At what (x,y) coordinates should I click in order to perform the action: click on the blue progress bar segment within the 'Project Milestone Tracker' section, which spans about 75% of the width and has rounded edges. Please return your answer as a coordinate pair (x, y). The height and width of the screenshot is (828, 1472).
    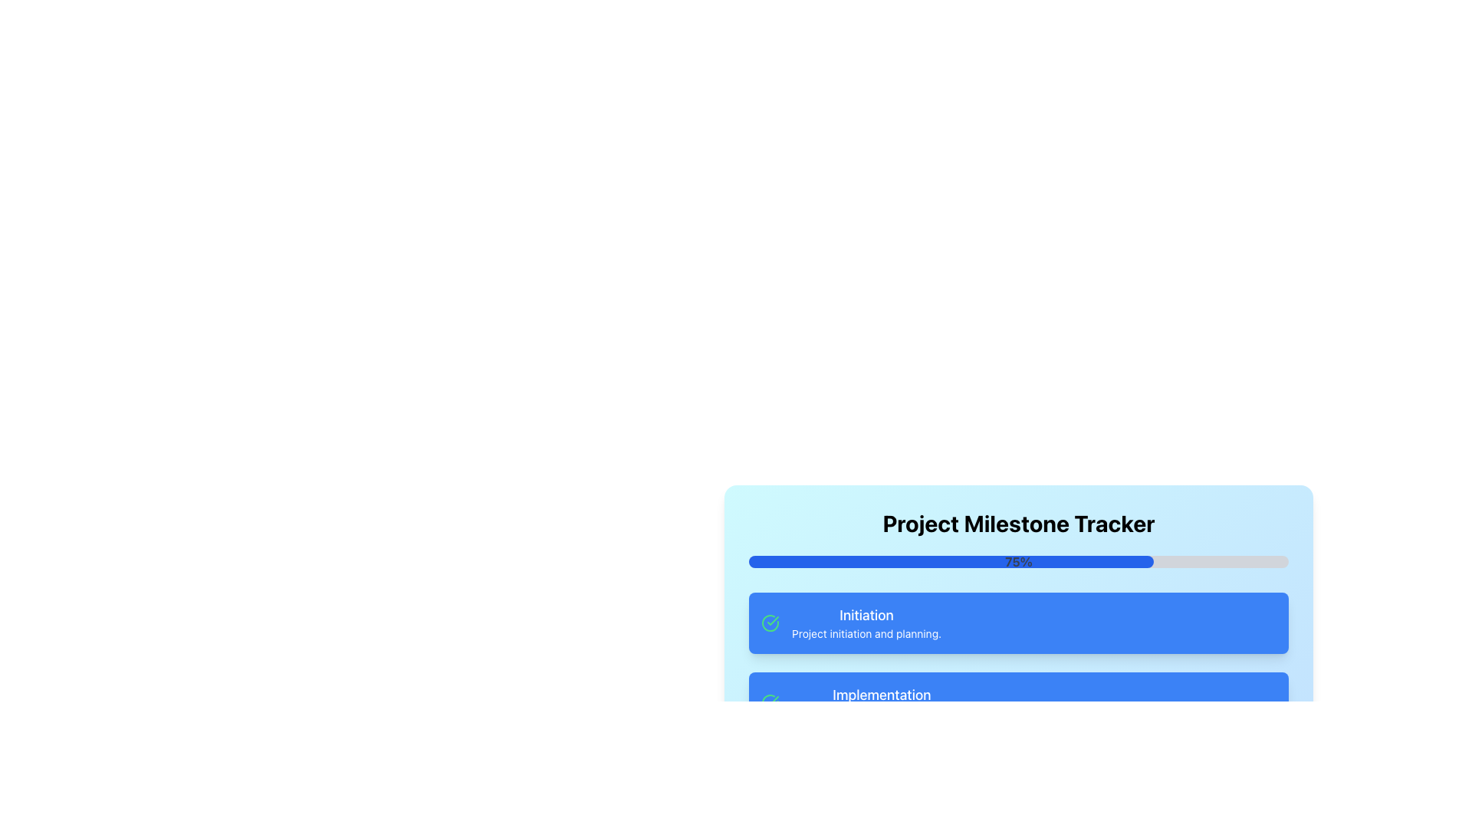
    Looking at the image, I should click on (951, 561).